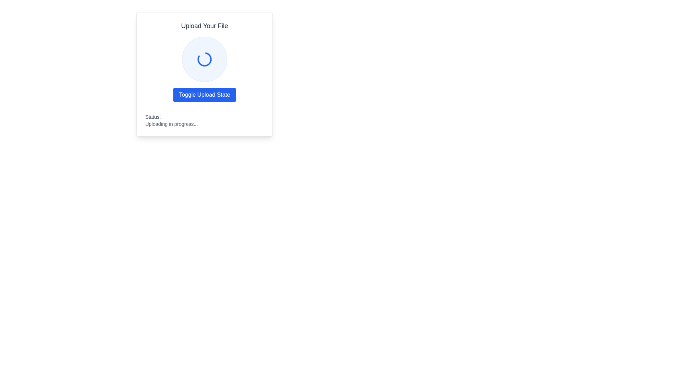  Describe the element at coordinates (171, 123) in the screenshot. I see `the text label displaying 'Uploading in progress...' which is styled with a small gray text on a white background, located below the upload control interface and aligned with the 'Status:' label` at that location.